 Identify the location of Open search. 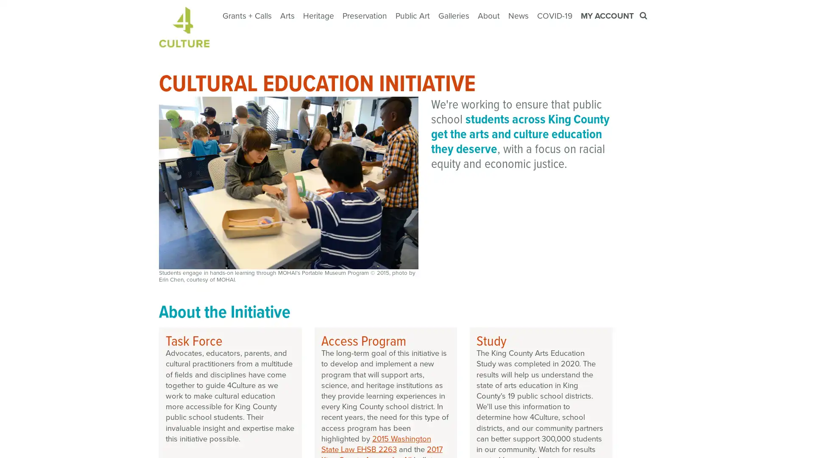
(644, 16).